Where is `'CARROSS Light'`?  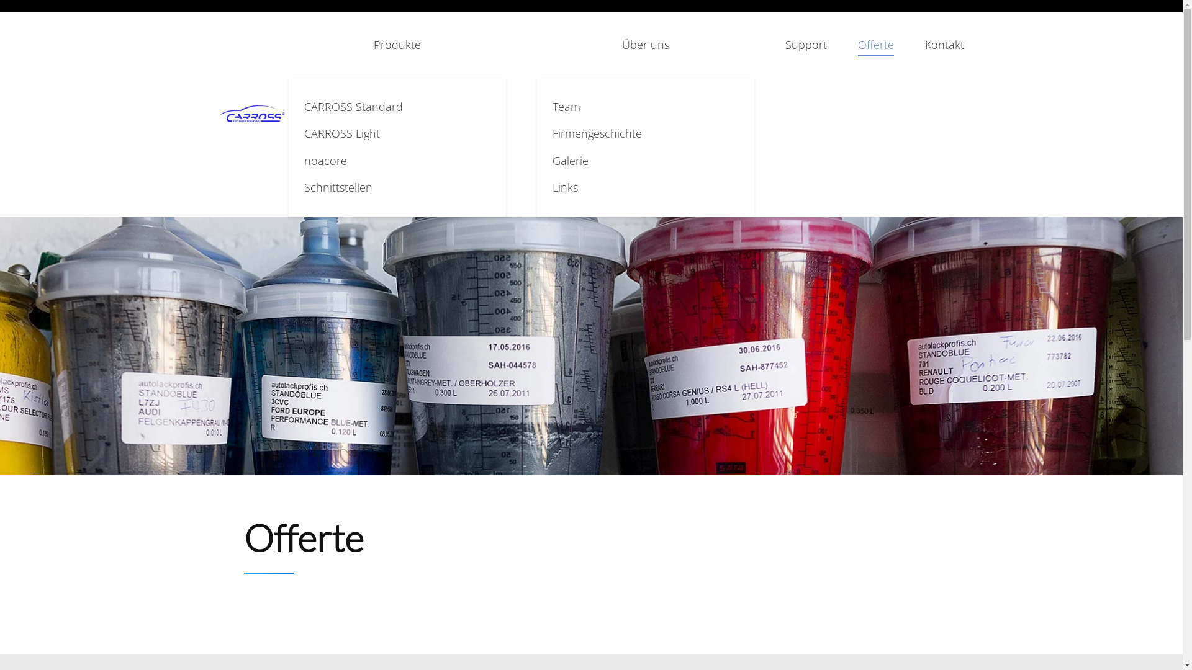
'CARROSS Light' is located at coordinates (396, 133).